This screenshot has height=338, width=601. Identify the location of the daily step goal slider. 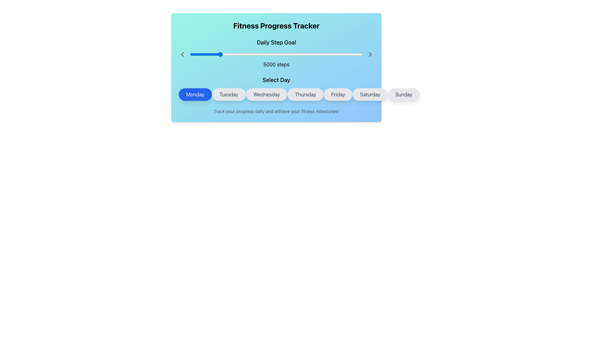
(206, 54).